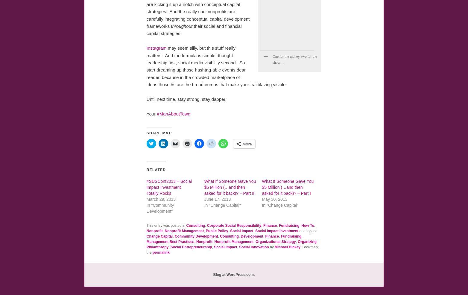 The width and height of the screenshot is (468, 295). What do you see at coordinates (288, 247) in the screenshot?
I see `'Michael Hickey'` at bounding box center [288, 247].